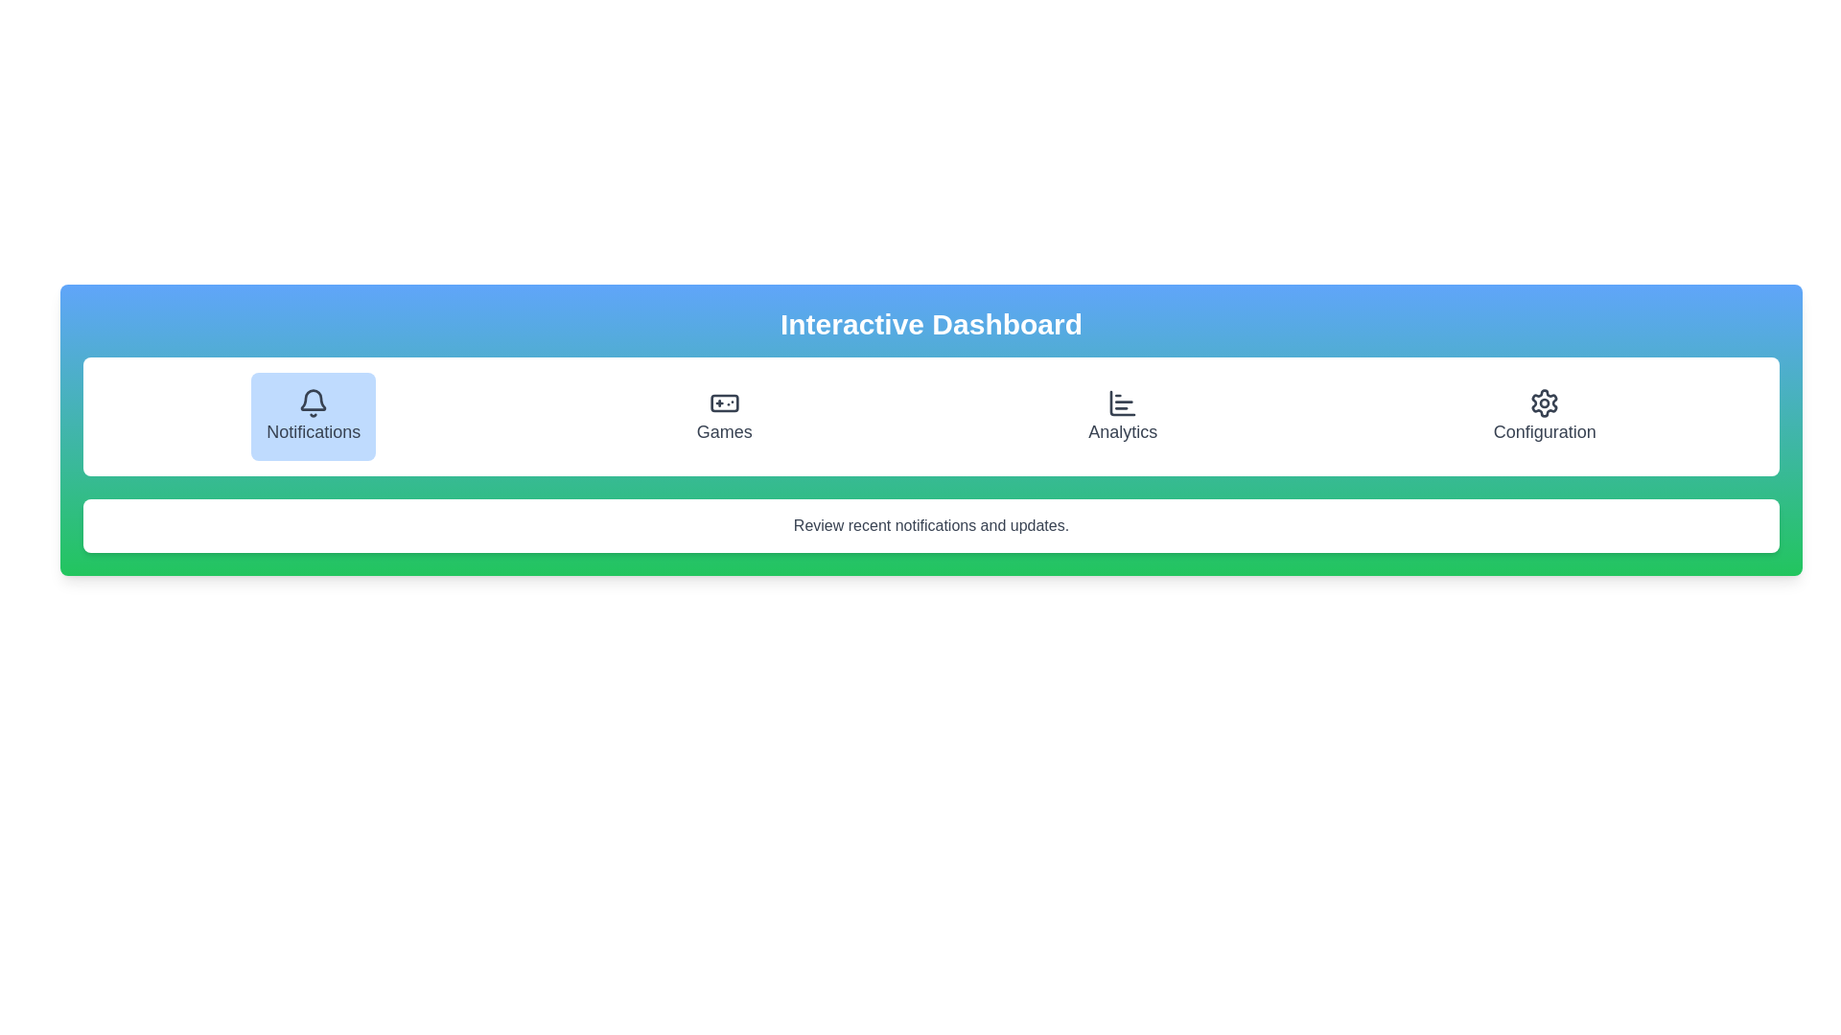 Image resolution: width=1841 pixels, height=1035 pixels. I want to click on the tab corresponding to Analytics, so click(1123, 416).